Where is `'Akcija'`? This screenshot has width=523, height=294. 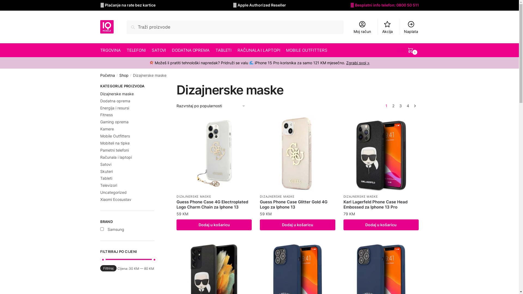
'Akcija' is located at coordinates (378, 27).